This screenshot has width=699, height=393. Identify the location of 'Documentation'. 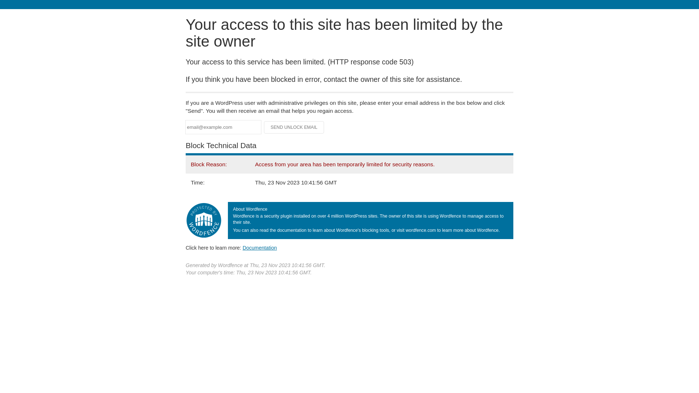
(260, 247).